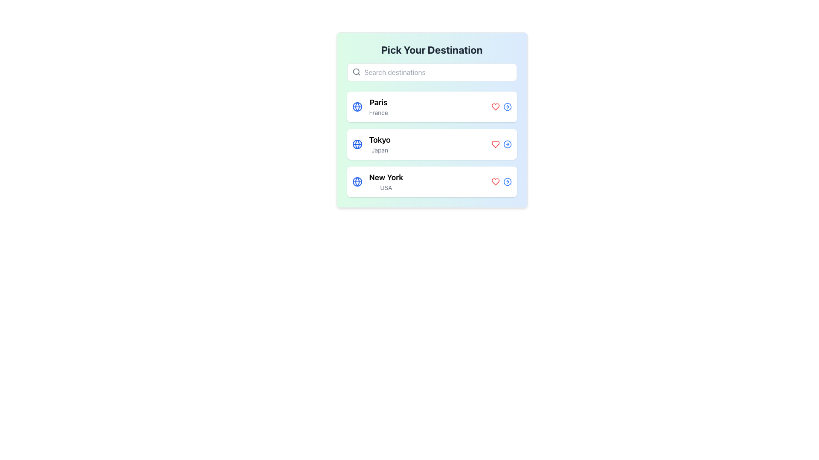  What do you see at coordinates (377, 181) in the screenshot?
I see `the third list item displaying the location 'New York, USA' with a globe icon` at bounding box center [377, 181].